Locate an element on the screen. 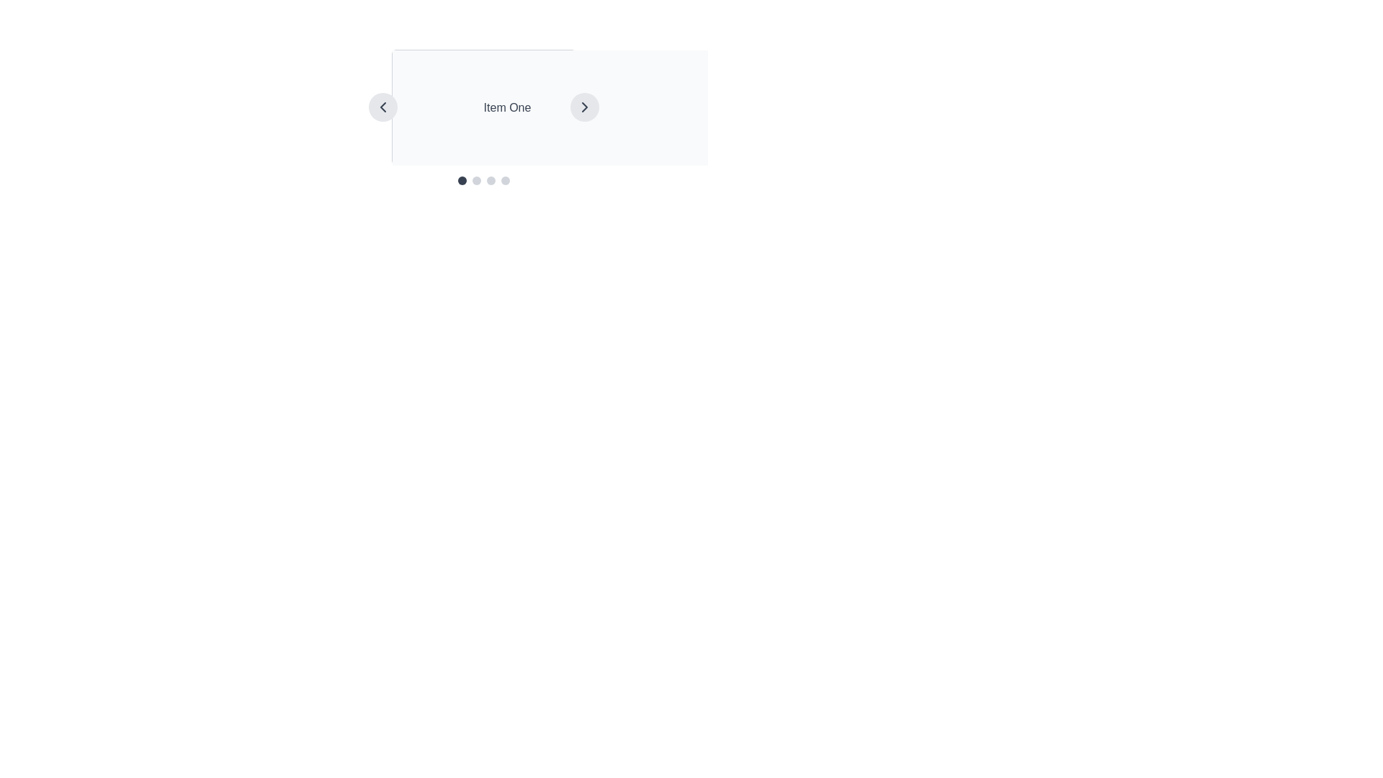  the third circular pagination indicator located below 'Item One' is located at coordinates (491, 179).